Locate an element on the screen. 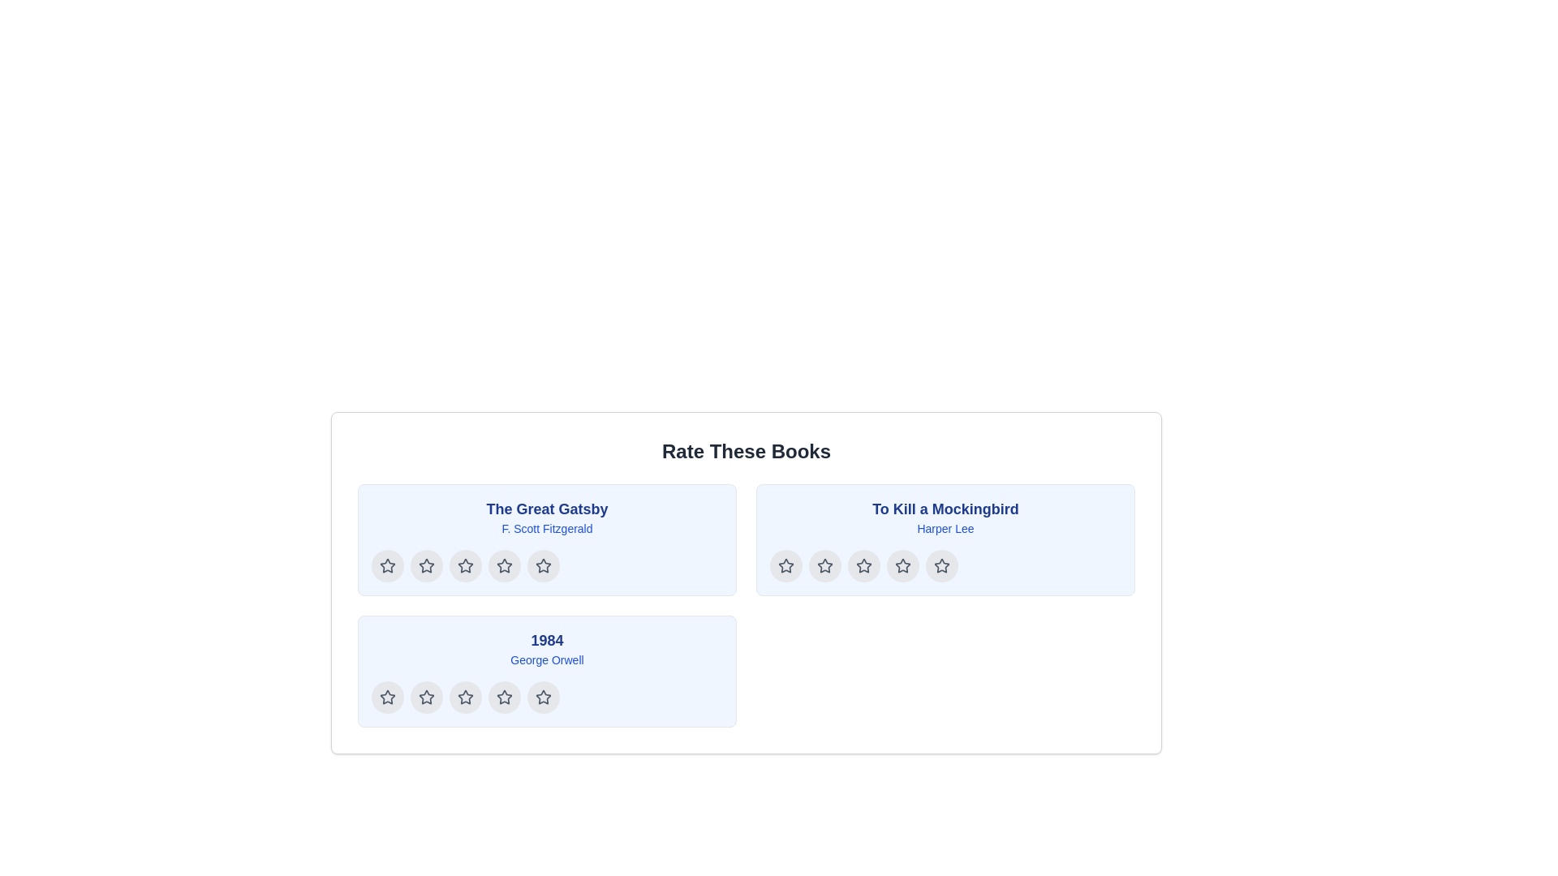  the fifth rating star button under the book titled 'The Great Gatsby' is located at coordinates (544, 565).